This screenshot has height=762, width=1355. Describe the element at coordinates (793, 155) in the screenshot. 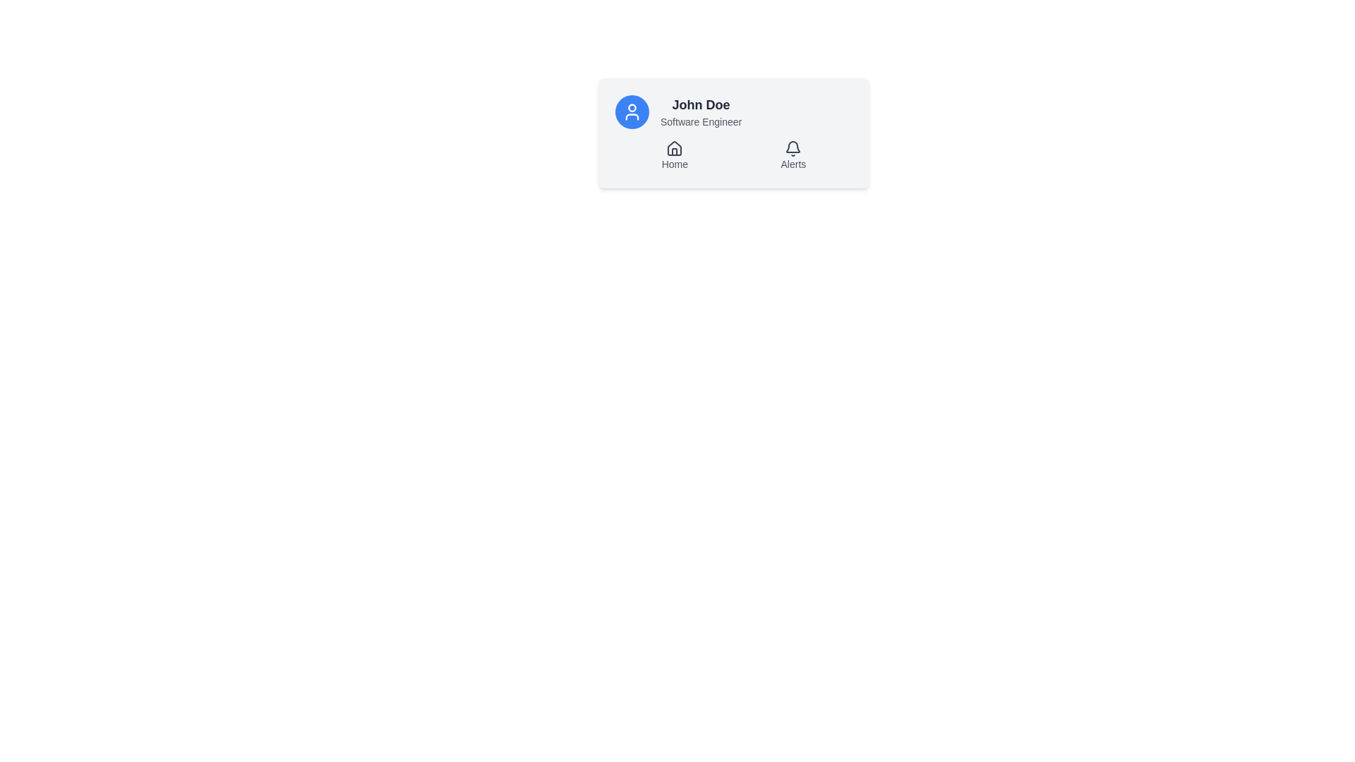

I see `the 'Alerts' navigation item, which features a bell icon above the text label 'Alerts' in gray tone` at that location.